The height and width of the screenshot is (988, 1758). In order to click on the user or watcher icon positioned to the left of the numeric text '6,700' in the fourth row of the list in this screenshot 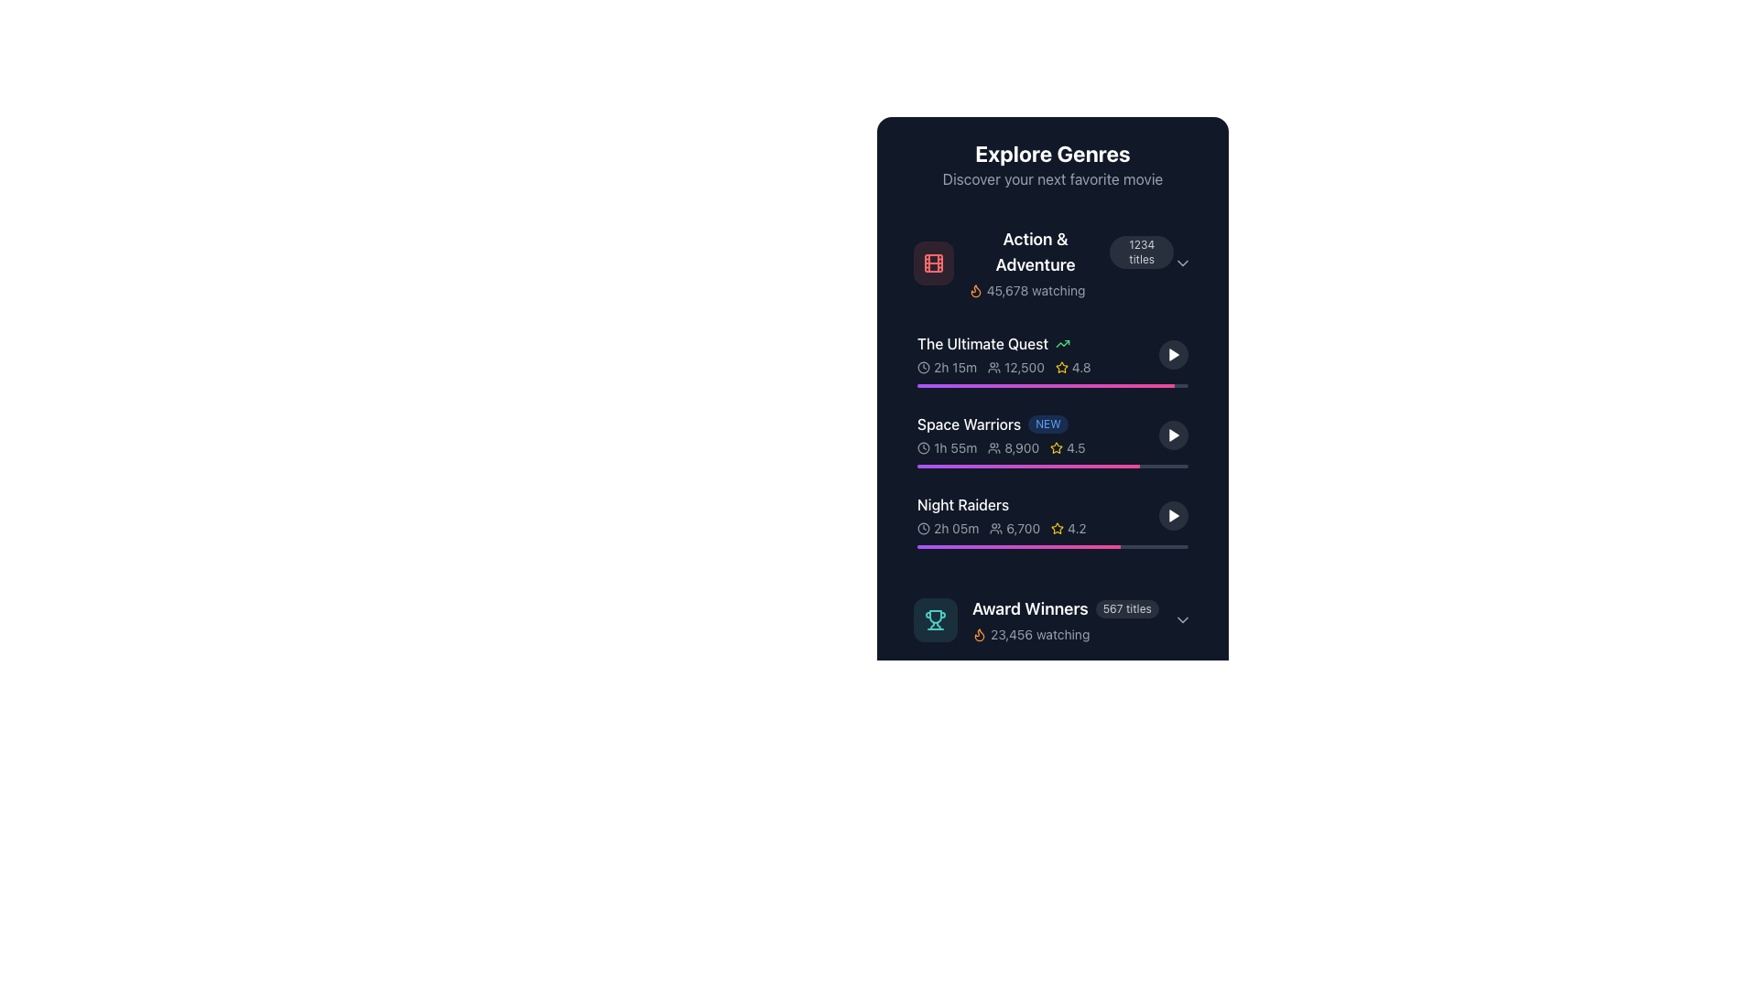, I will do `click(995, 529)`.